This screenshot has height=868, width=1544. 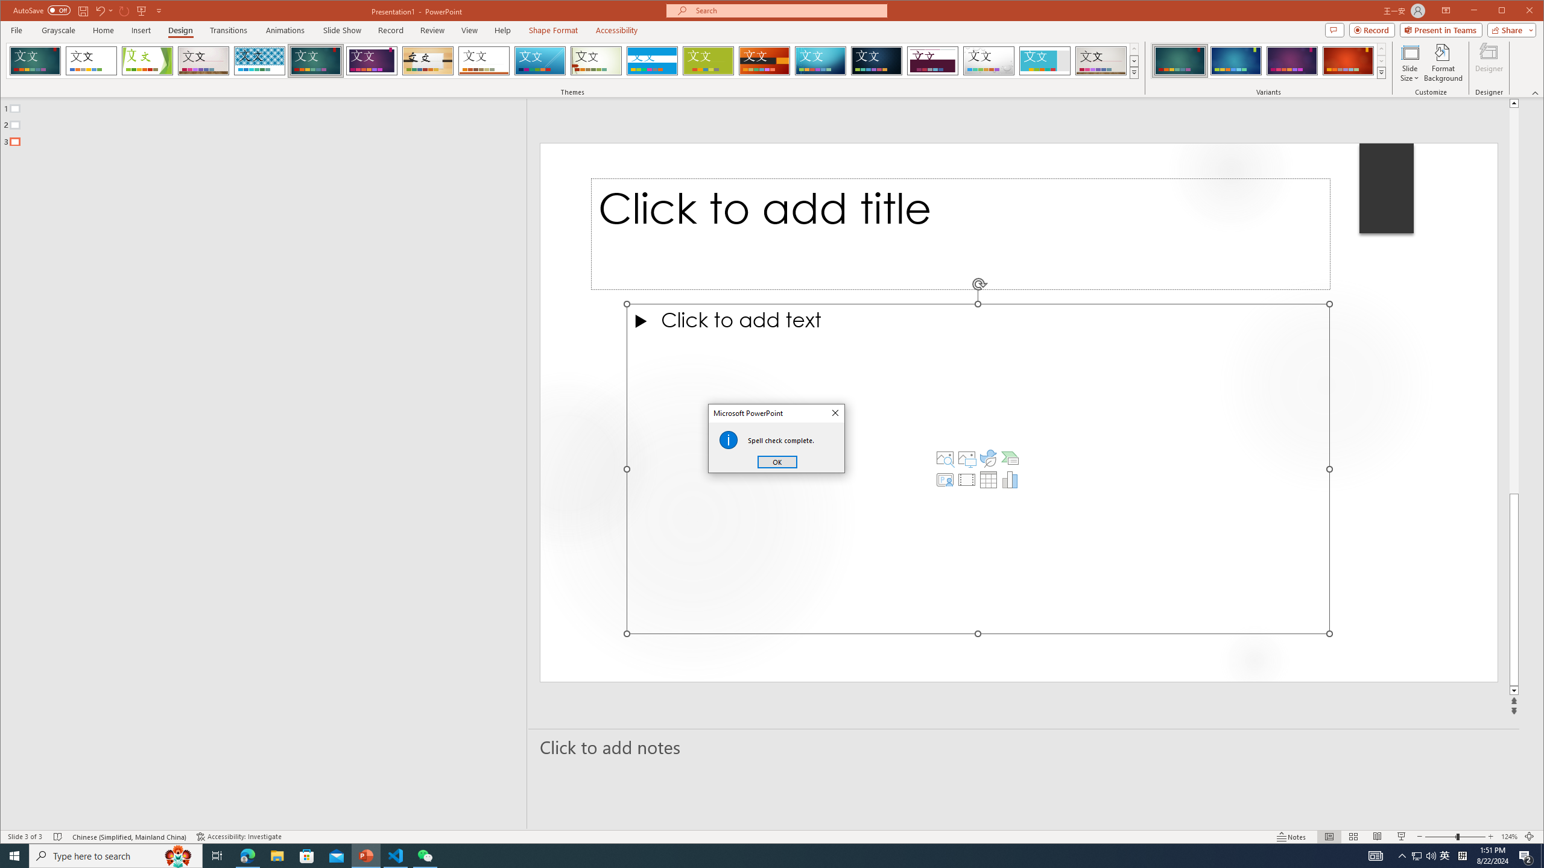 I want to click on 'WeChat - 1 running window', so click(x=425, y=855).